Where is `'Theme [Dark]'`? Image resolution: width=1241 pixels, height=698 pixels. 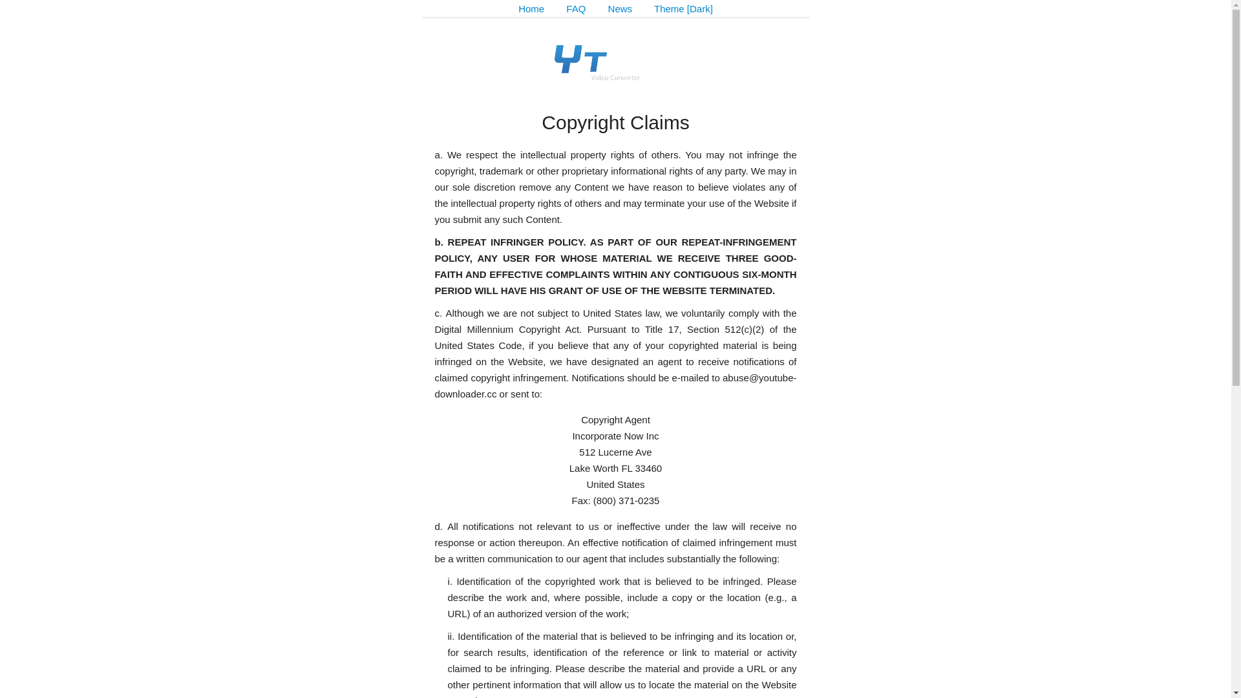 'Theme [Dark]' is located at coordinates (683, 8).